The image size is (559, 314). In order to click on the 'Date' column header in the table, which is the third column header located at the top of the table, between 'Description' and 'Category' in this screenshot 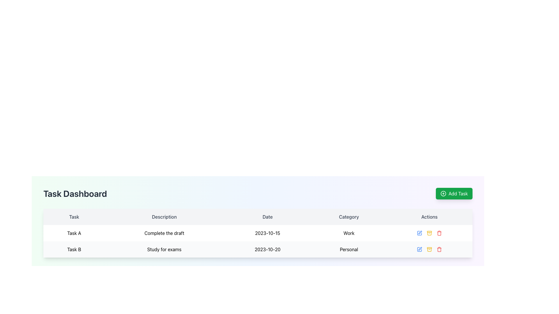, I will do `click(267, 217)`.